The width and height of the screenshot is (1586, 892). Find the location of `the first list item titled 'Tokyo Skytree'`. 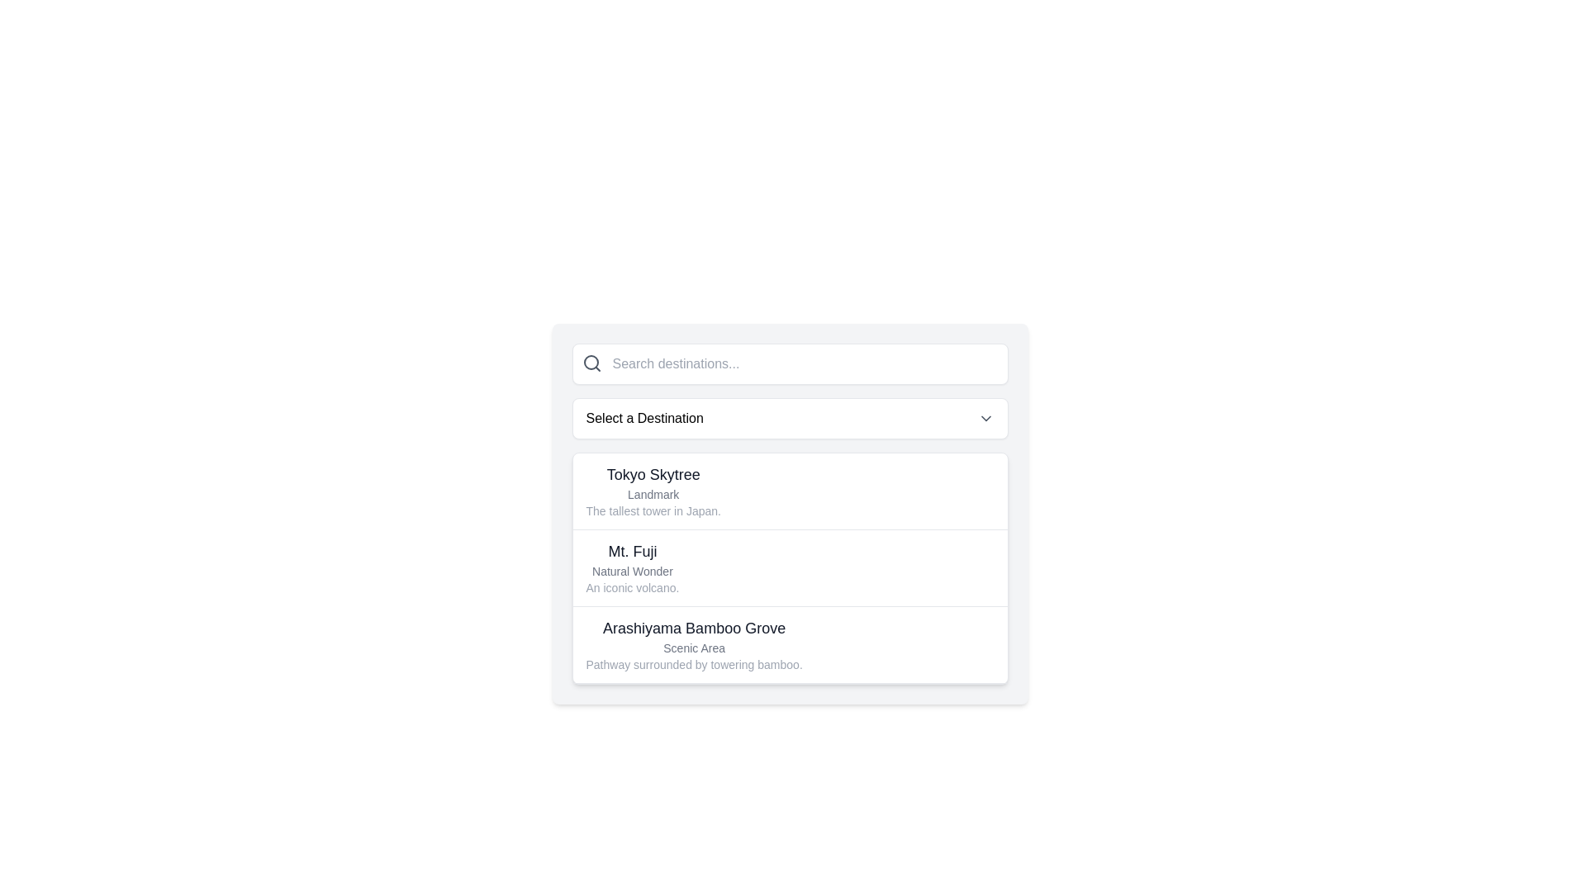

the first list item titled 'Tokyo Skytree' is located at coordinates (789, 491).